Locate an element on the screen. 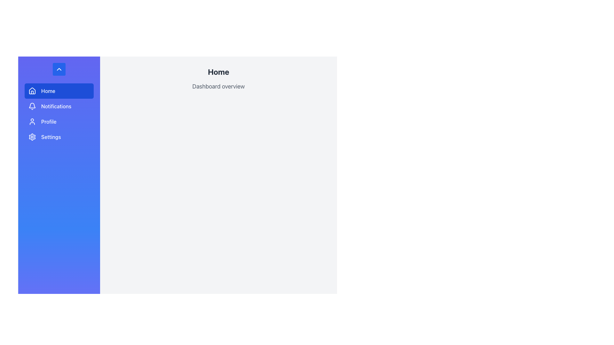 The height and width of the screenshot is (345, 614). the bell icon in the navigation menu, which is located to the left of the 'Notifications' text is located at coordinates (32, 106).